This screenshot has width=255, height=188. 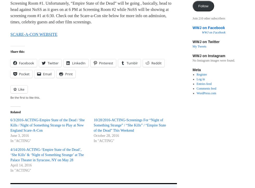 What do you see at coordinates (53, 63) in the screenshot?
I see `'Twitter'` at bounding box center [53, 63].